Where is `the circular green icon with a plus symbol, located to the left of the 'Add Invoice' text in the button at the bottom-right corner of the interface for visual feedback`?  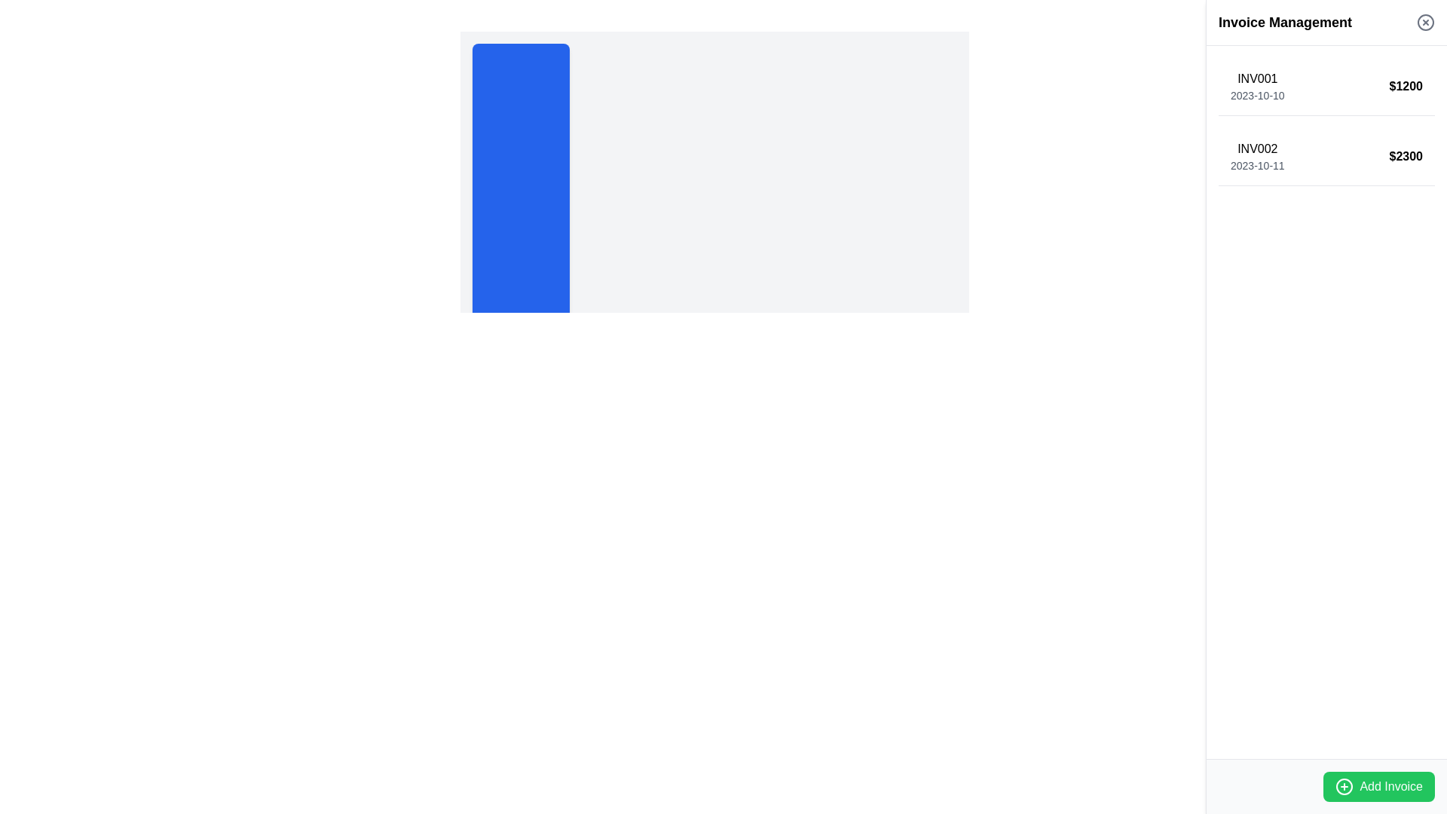 the circular green icon with a plus symbol, located to the left of the 'Add Invoice' text in the button at the bottom-right corner of the interface for visual feedback is located at coordinates (1345, 786).